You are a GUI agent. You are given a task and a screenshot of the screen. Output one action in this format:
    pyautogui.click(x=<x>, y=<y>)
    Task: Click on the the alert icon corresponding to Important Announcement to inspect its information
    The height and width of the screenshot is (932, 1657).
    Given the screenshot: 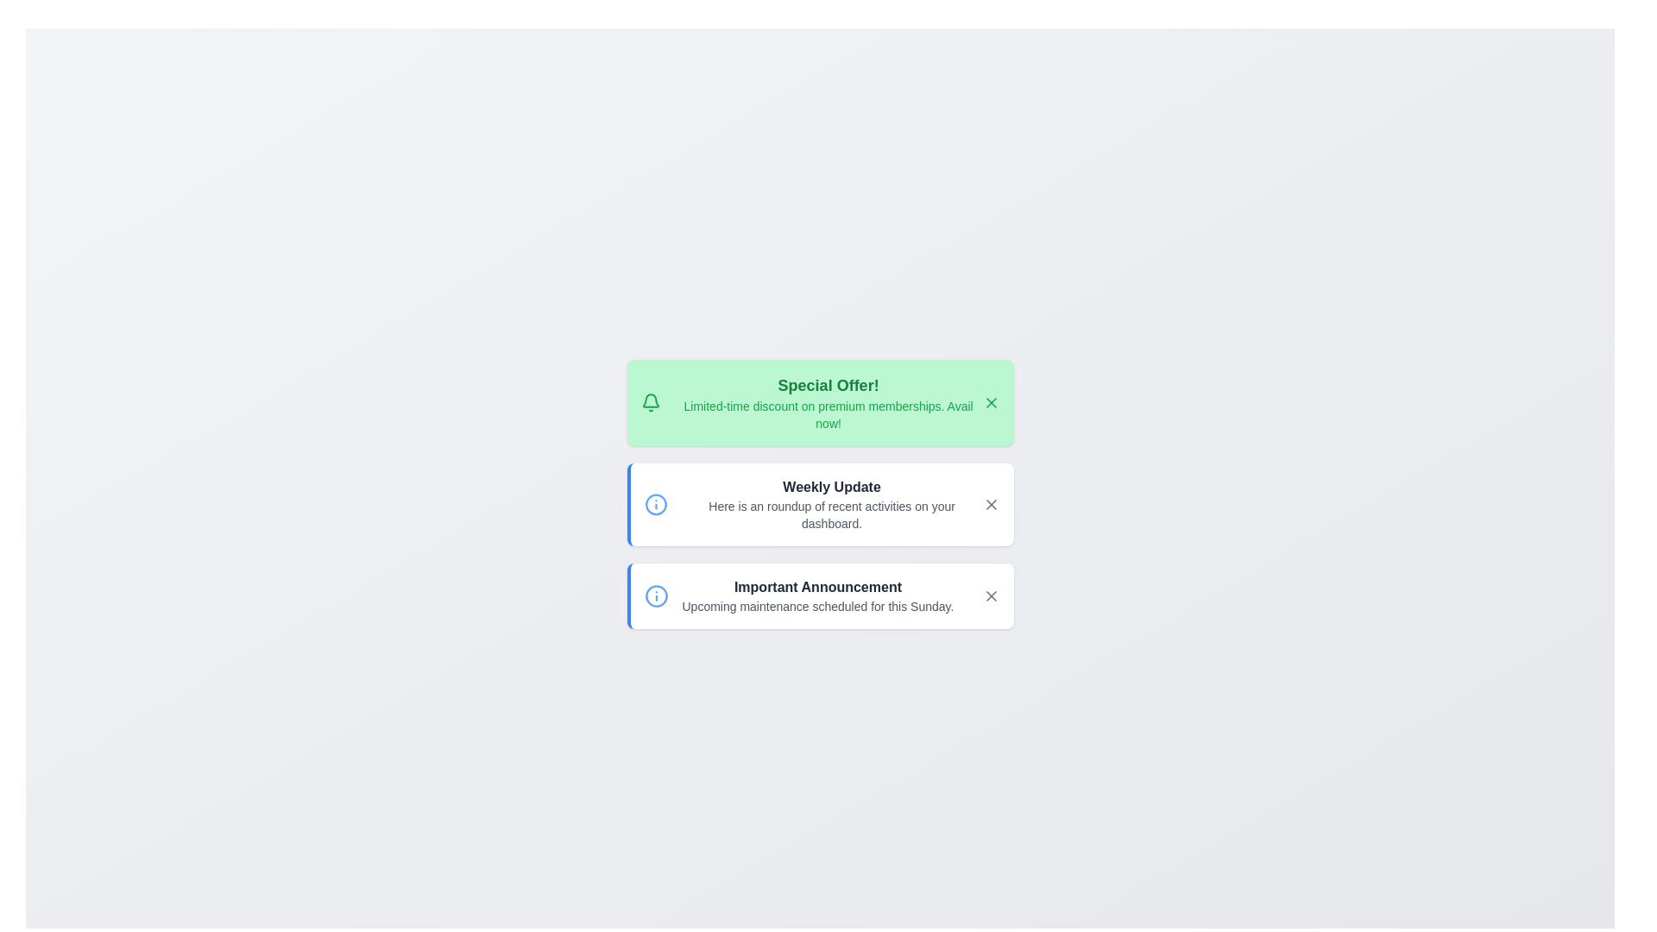 What is the action you would take?
    pyautogui.click(x=655, y=595)
    